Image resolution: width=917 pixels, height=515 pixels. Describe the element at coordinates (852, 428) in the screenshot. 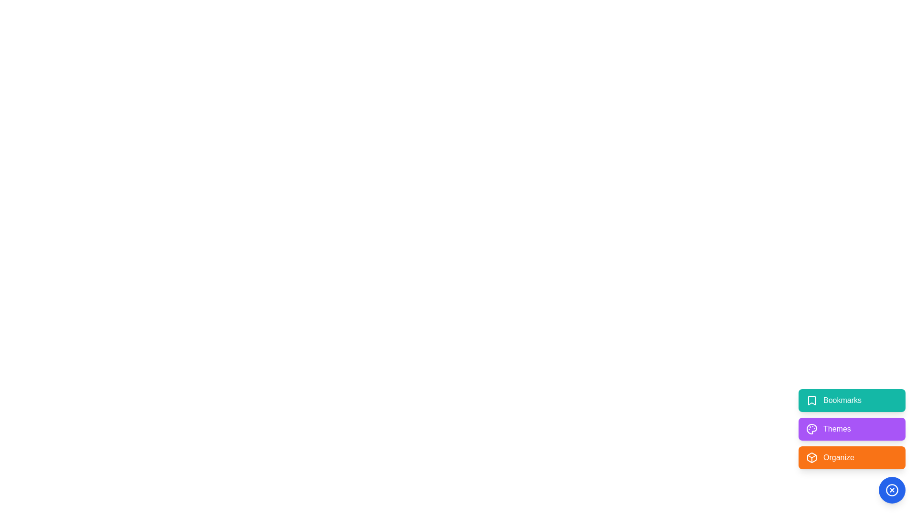

I see `'Themes' button to perform the associated action` at that location.